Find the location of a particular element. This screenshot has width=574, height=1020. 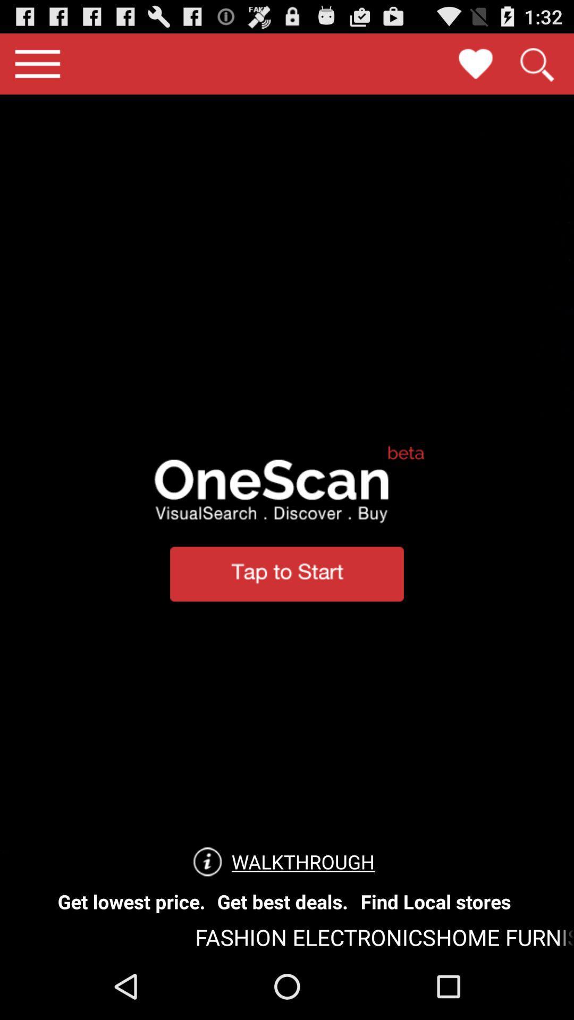

the search icon is located at coordinates (536, 67).